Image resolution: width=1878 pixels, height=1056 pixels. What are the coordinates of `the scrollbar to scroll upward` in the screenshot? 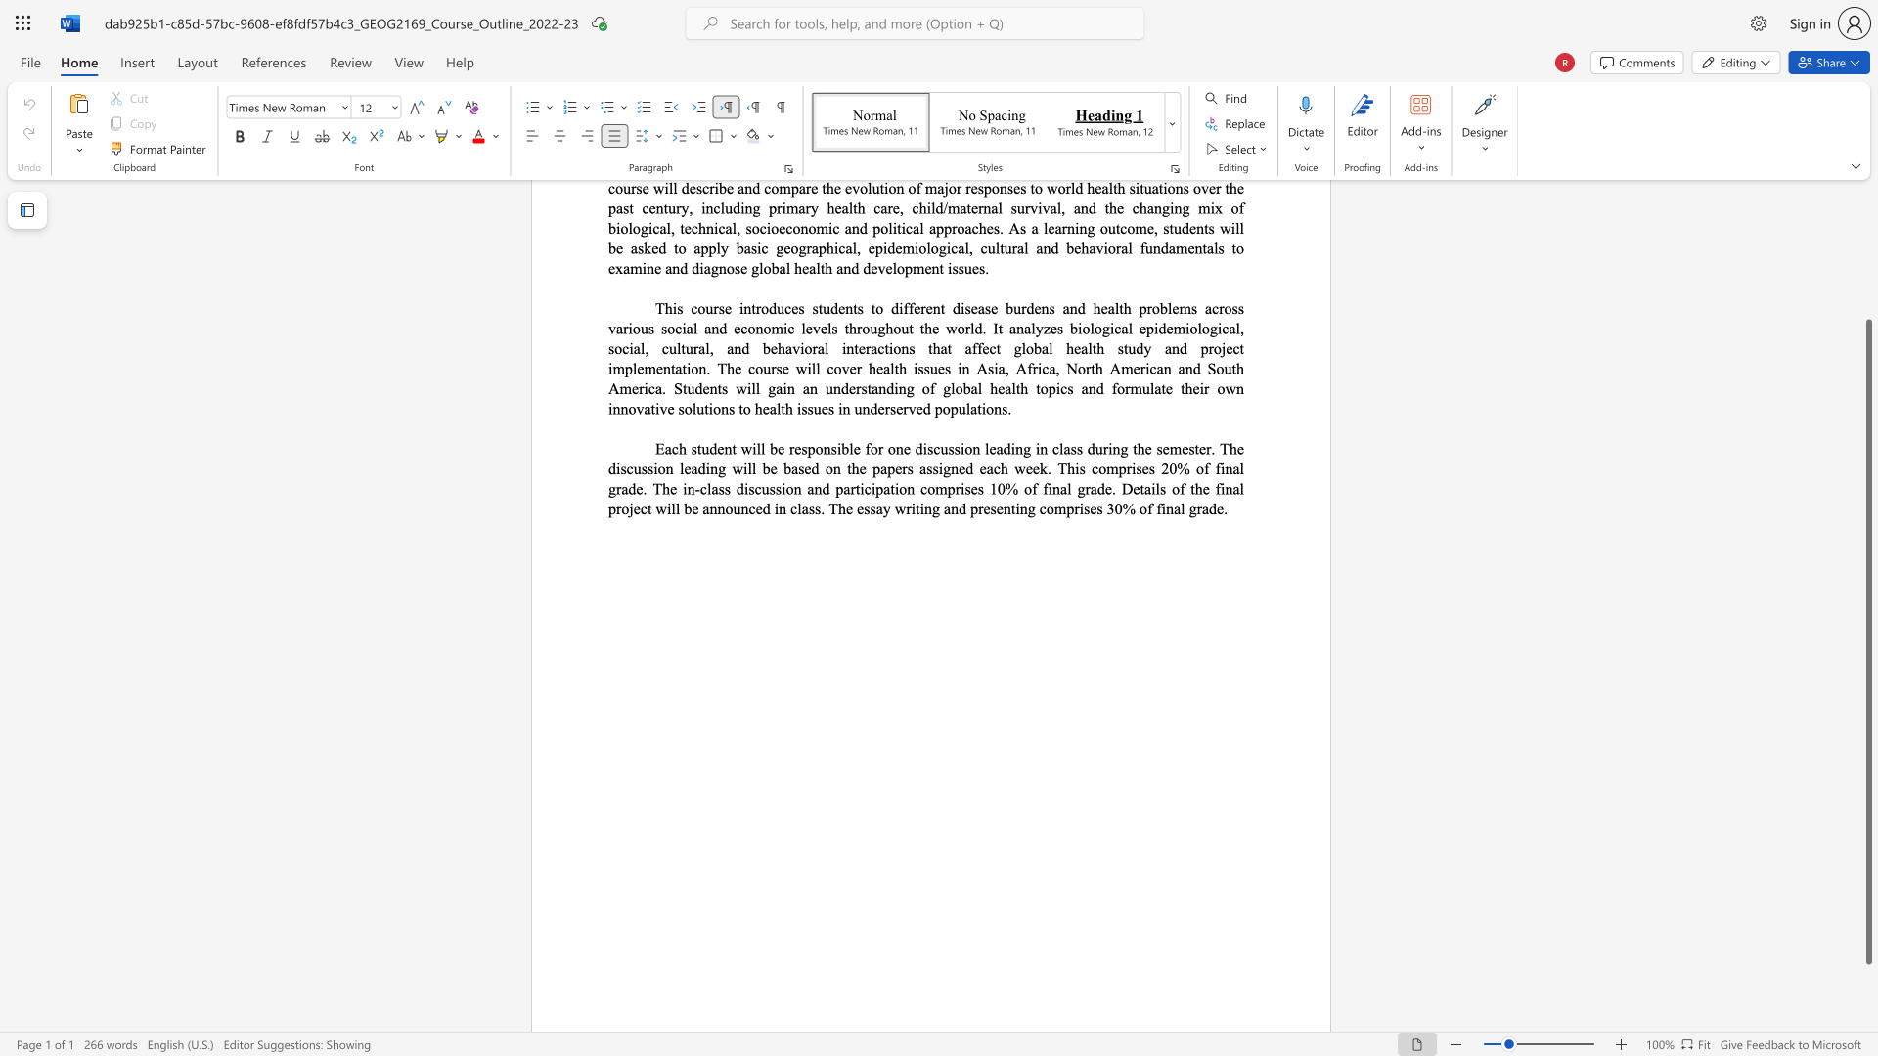 It's located at (1867, 264).